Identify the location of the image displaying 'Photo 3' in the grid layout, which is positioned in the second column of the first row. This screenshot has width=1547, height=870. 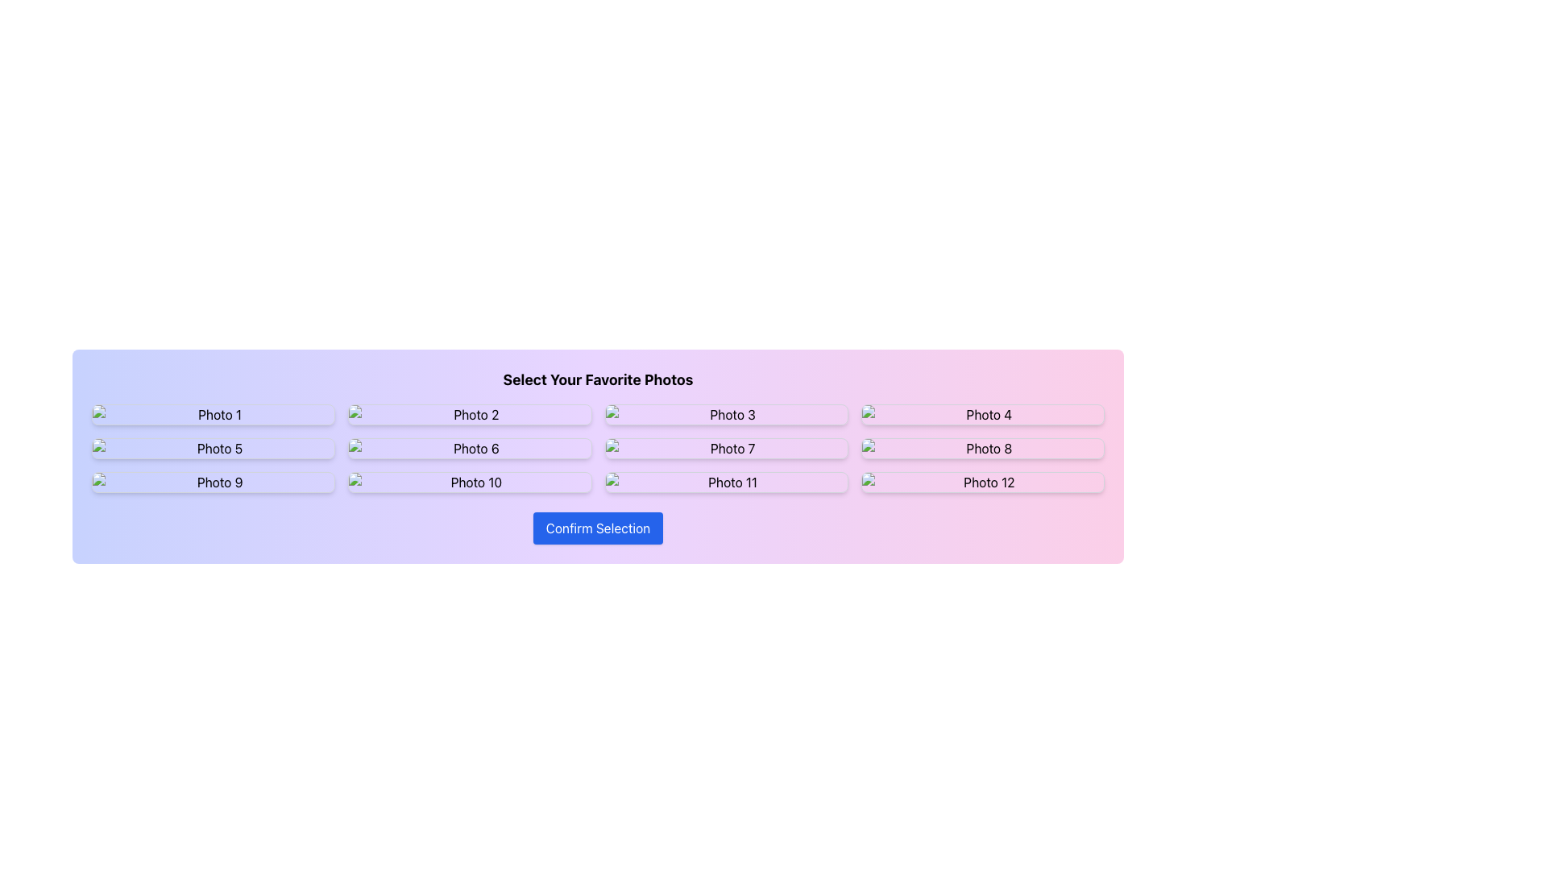
(725, 414).